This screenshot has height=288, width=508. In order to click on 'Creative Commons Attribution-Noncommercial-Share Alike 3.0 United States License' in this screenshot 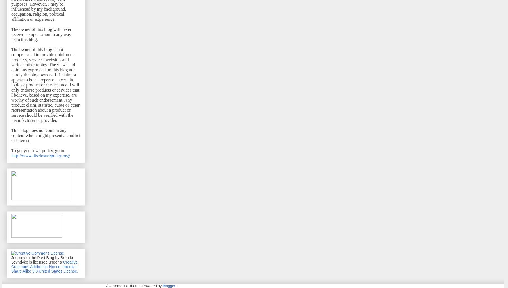, I will do `click(44, 266)`.